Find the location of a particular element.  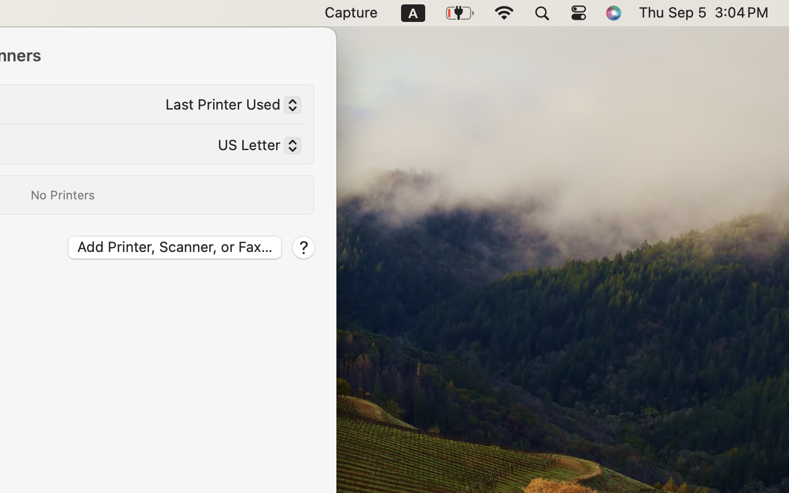

'Last Printer Used' is located at coordinates (228, 107).